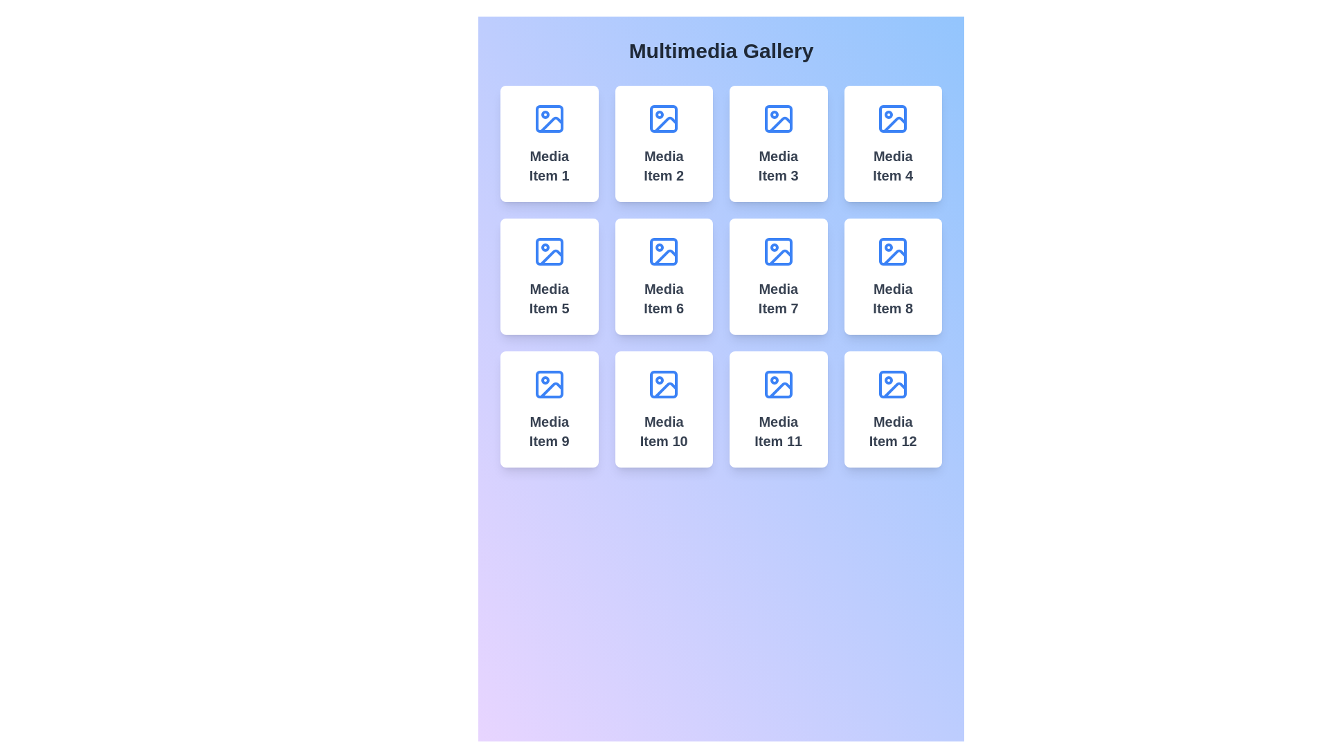  What do you see at coordinates (778, 165) in the screenshot?
I see `the text label displaying 'Media Item 3', which is prominently styled with a bold, enlarged dark gray font, centered within a clickable card with a white background and rounded corners` at bounding box center [778, 165].